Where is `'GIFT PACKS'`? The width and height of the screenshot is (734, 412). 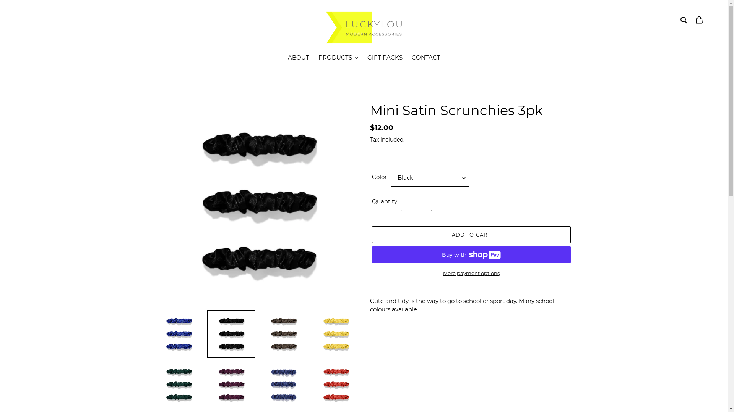 'GIFT PACKS' is located at coordinates (385, 58).